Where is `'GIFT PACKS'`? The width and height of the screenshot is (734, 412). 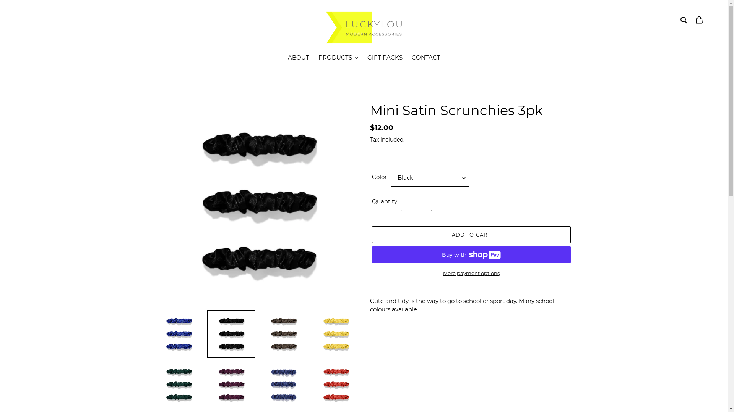 'GIFT PACKS' is located at coordinates (385, 58).